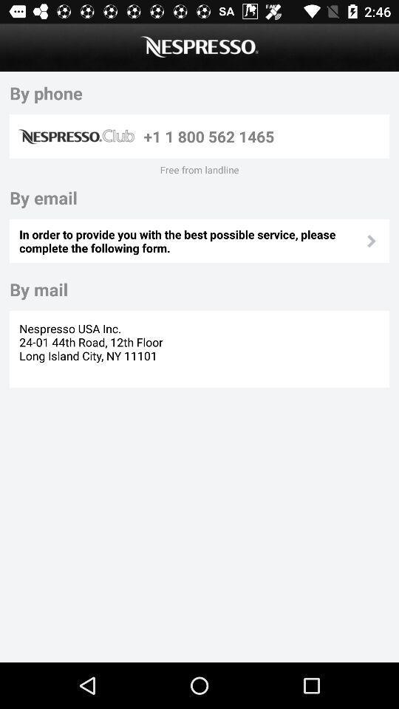 This screenshot has height=709, width=399. What do you see at coordinates (191, 241) in the screenshot?
I see `icon above by mail icon` at bounding box center [191, 241].